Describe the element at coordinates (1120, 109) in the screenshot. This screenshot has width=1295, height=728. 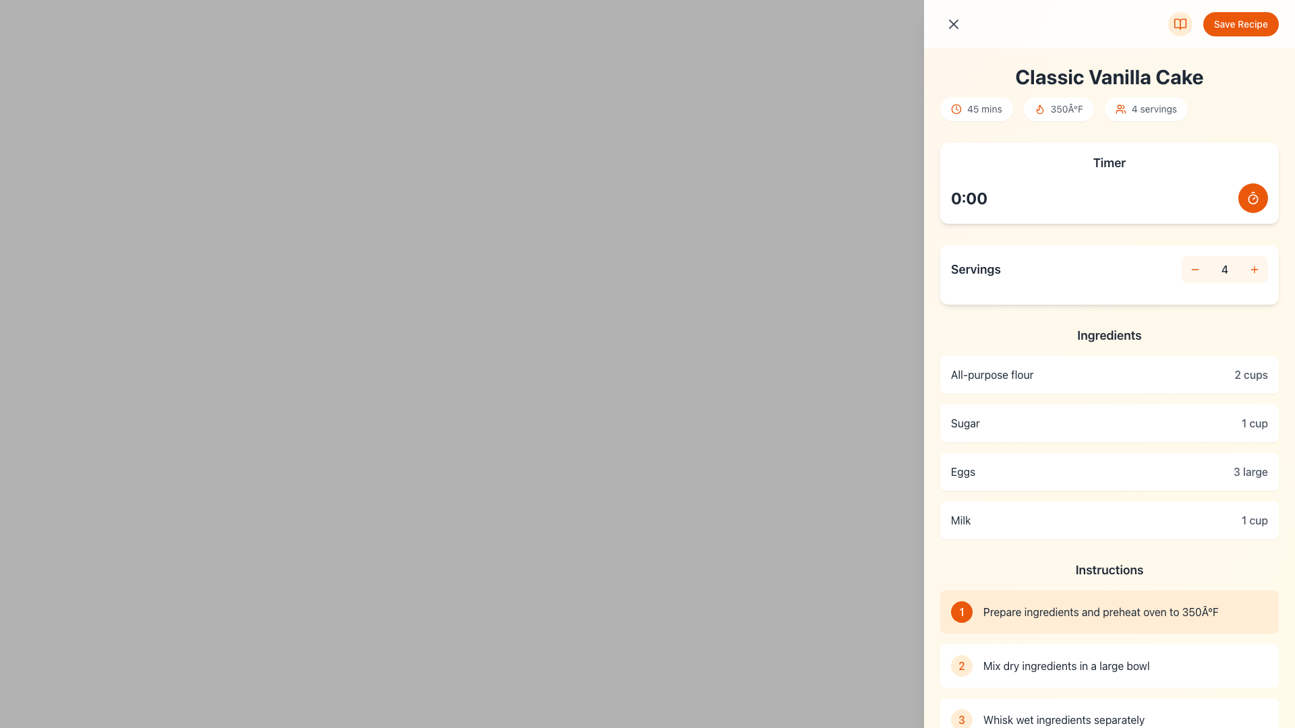
I see `the orange-colored icon resembling a group of two people, located next to the '4 servings' text, beneath the title 'Classic Vanilla Cake'` at that location.